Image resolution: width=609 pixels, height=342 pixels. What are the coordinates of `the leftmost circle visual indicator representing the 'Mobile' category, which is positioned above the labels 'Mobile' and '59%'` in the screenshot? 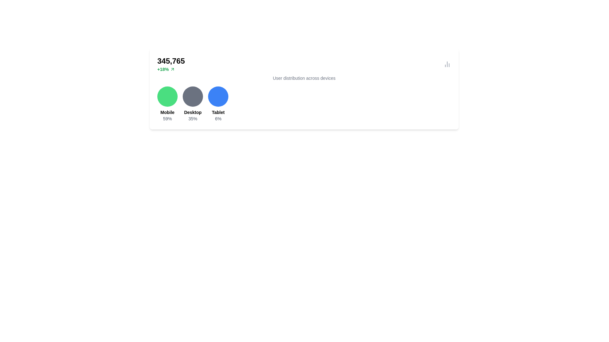 It's located at (167, 96).